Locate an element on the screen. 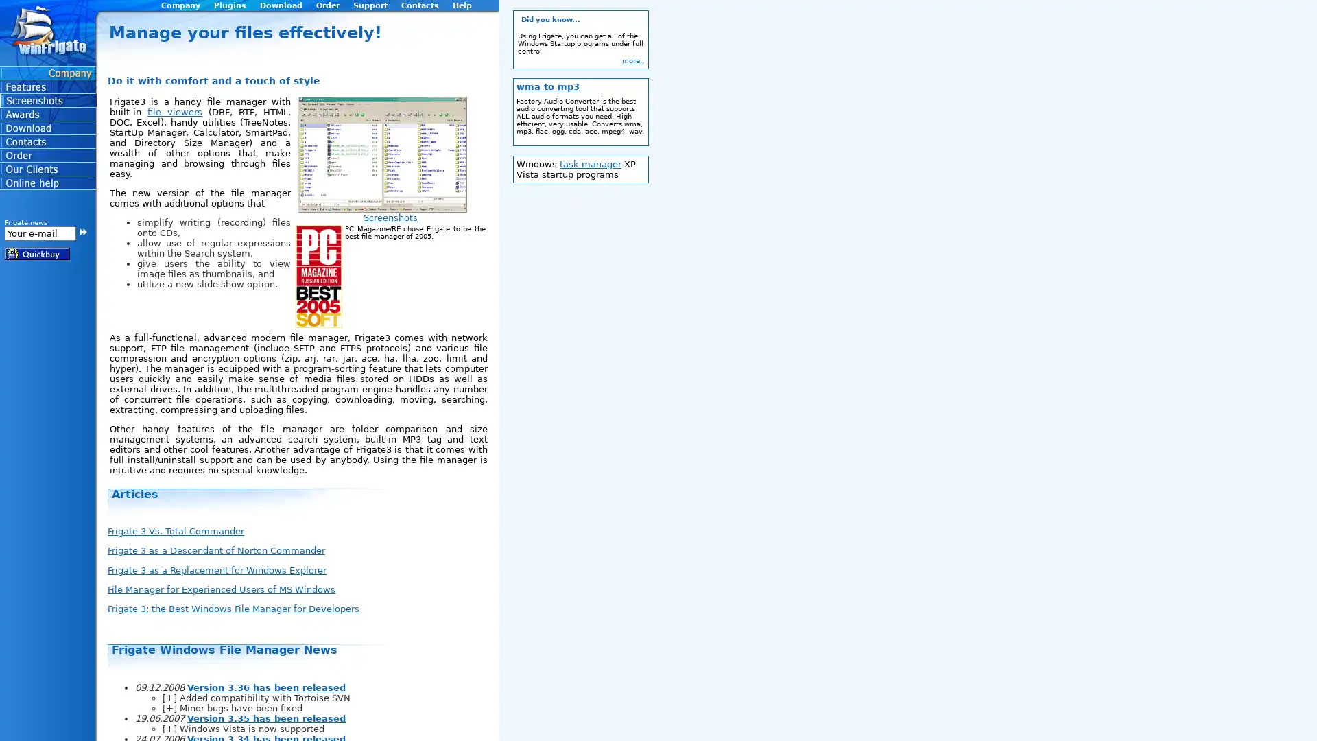  go is located at coordinates (82, 230).